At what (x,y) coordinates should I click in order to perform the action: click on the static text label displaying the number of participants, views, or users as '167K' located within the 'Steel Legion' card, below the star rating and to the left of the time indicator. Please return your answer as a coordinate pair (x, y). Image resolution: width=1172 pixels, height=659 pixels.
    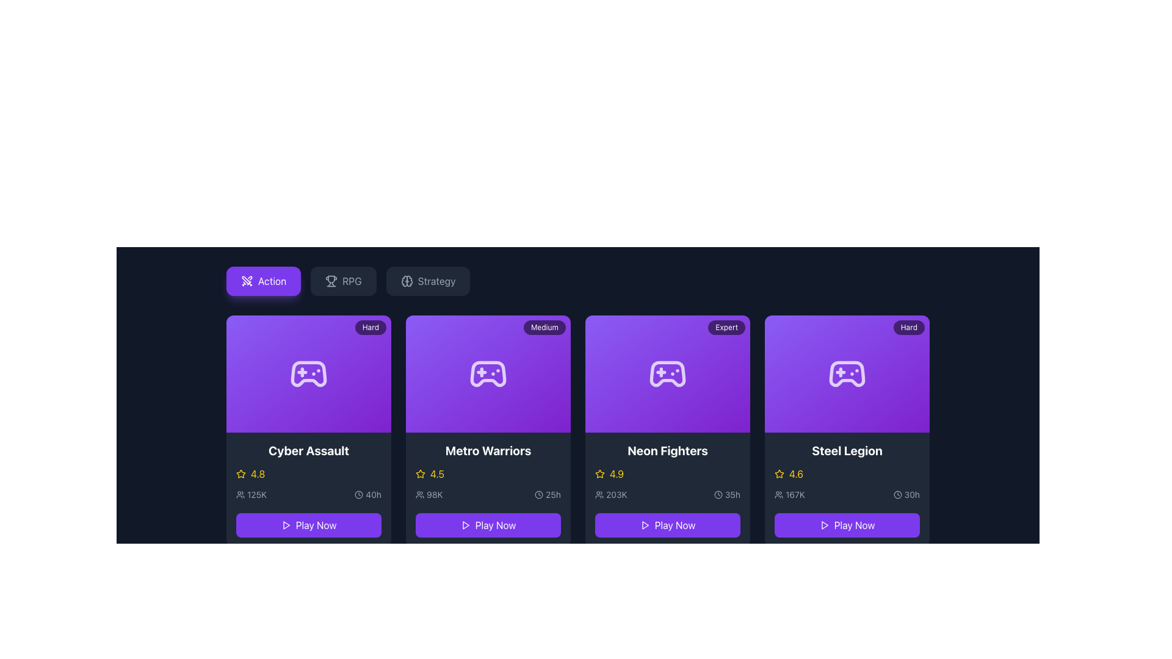
    Looking at the image, I should click on (795, 494).